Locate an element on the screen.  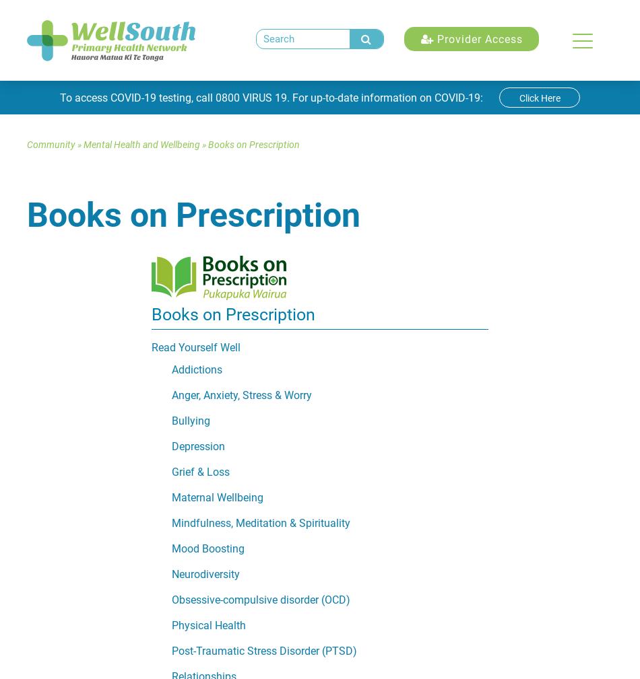
'Grief & Loss' is located at coordinates (200, 472).